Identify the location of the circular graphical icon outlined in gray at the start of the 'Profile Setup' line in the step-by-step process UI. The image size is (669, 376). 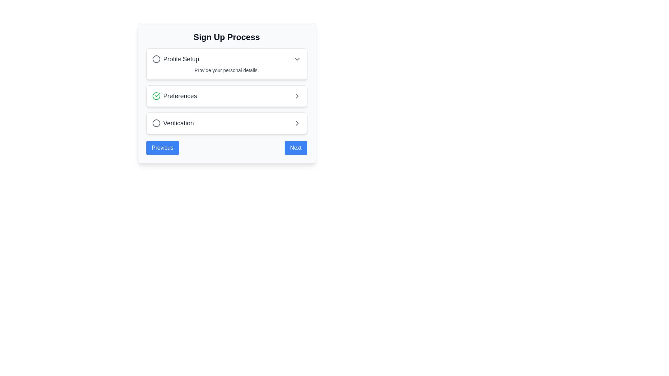
(156, 58).